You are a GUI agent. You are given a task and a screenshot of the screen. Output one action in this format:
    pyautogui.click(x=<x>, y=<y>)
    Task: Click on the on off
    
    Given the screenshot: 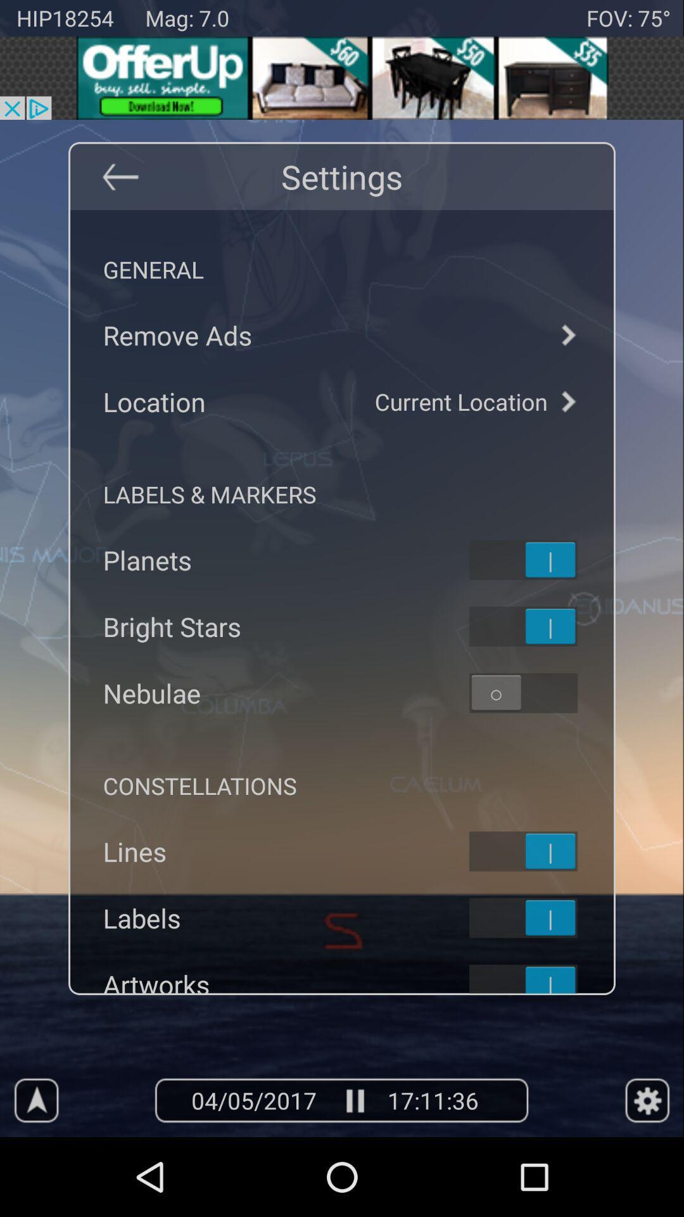 What is the action you would take?
    pyautogui.click(x=540, y=559)
    